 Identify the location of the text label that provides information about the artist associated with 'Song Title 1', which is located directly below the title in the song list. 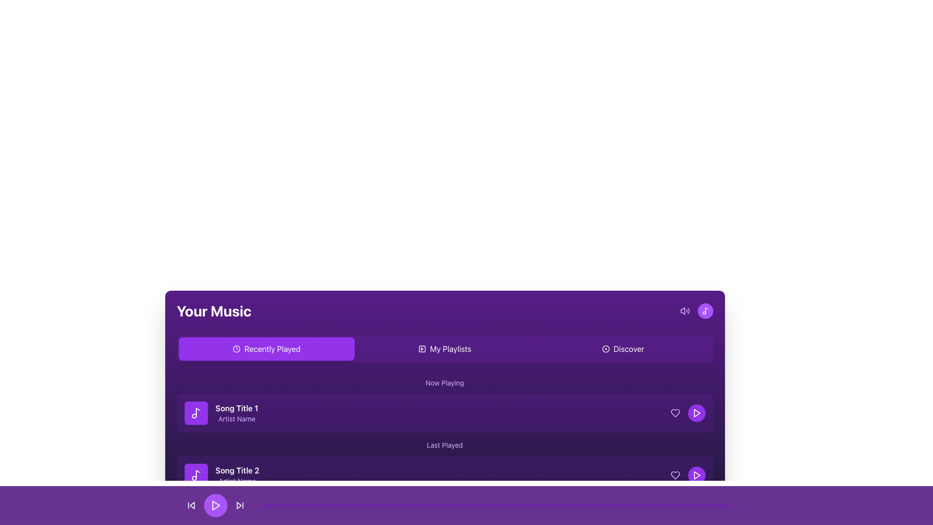
(237, 418).